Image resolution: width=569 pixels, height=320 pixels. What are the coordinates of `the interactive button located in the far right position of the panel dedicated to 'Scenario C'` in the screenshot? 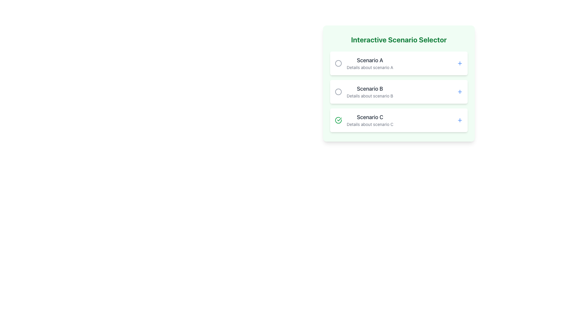 It's located at (459, 120).